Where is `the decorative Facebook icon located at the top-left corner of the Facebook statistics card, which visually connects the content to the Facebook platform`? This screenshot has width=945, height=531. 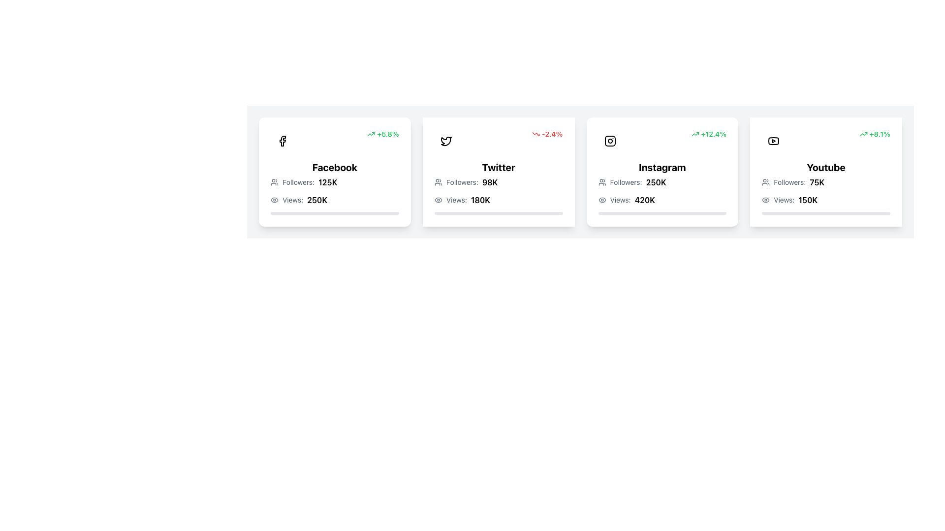 the decorative Facebook icon located at the top-left corner of the Facebook statistics card, which visually connects the content to the Facebook platform is located at coordinates (282, 141).